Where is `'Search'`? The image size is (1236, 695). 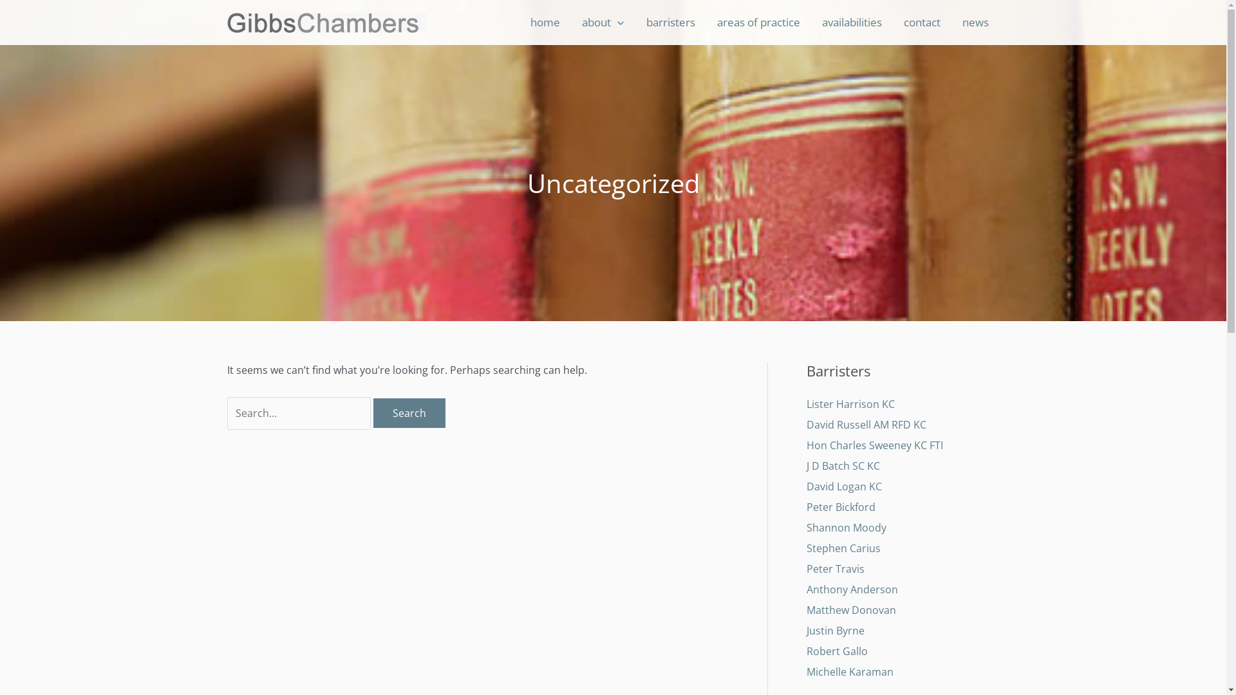
'Search' is located at coordinates (408, 412).